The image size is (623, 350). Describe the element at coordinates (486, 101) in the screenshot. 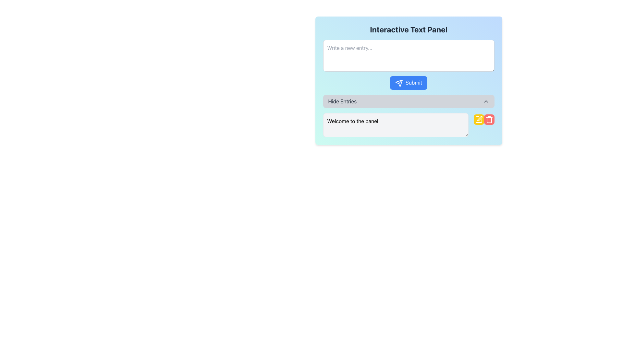

I see `the chevron icon located on the right end of the 'Hide Entries' button` at that location.